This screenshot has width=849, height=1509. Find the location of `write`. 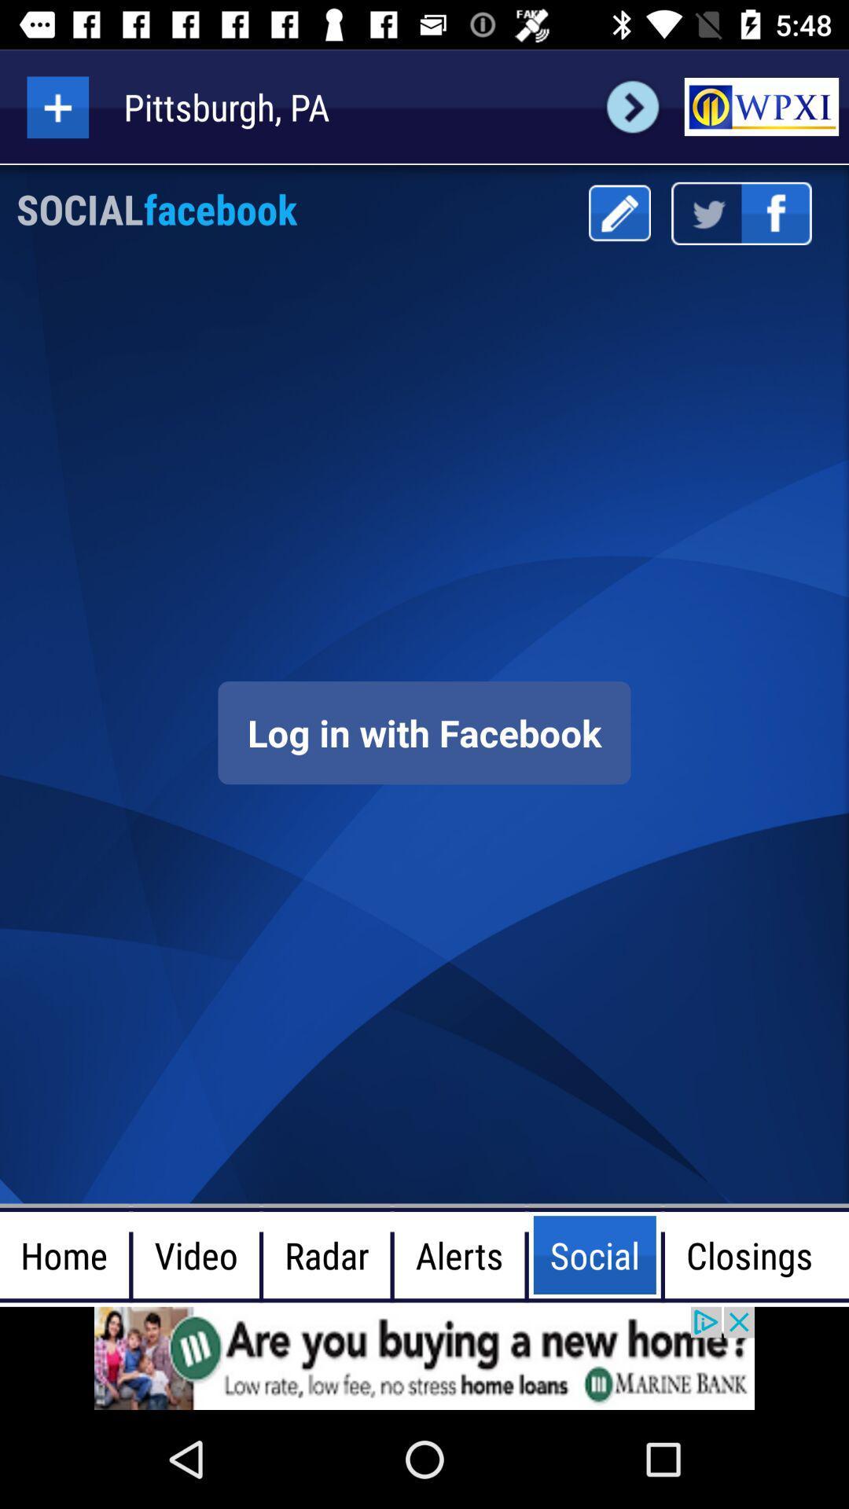

write is located at coordinates (619, 212).